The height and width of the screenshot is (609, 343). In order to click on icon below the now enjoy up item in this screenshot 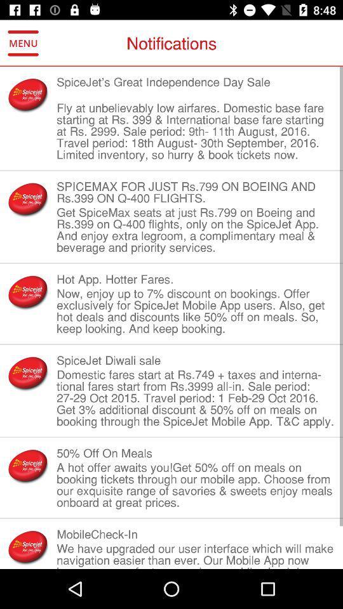, I will do `click(196, 360)`.